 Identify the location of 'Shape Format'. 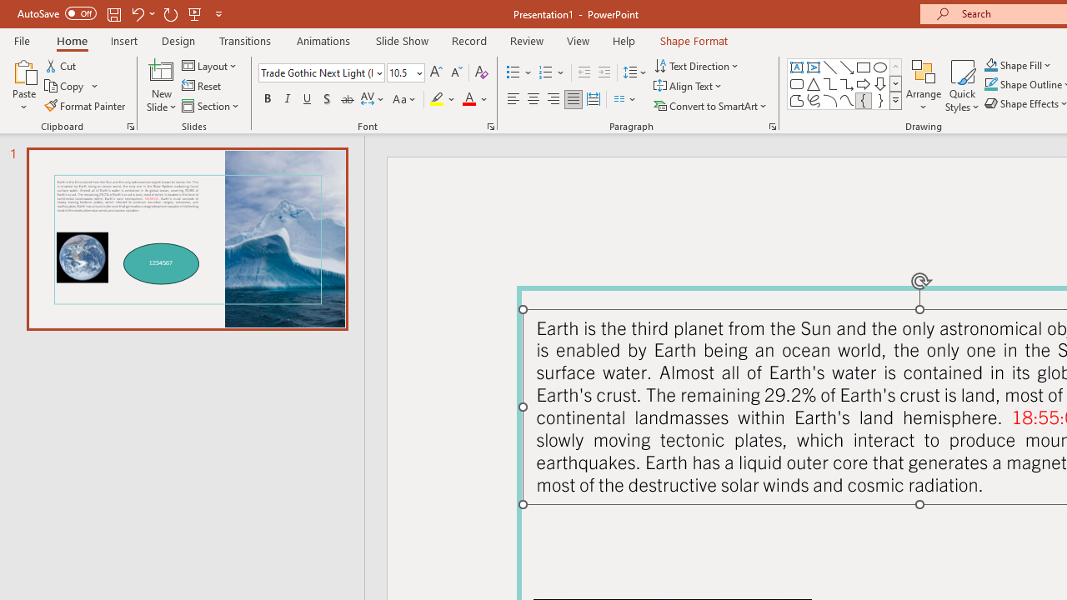
(694, 40).